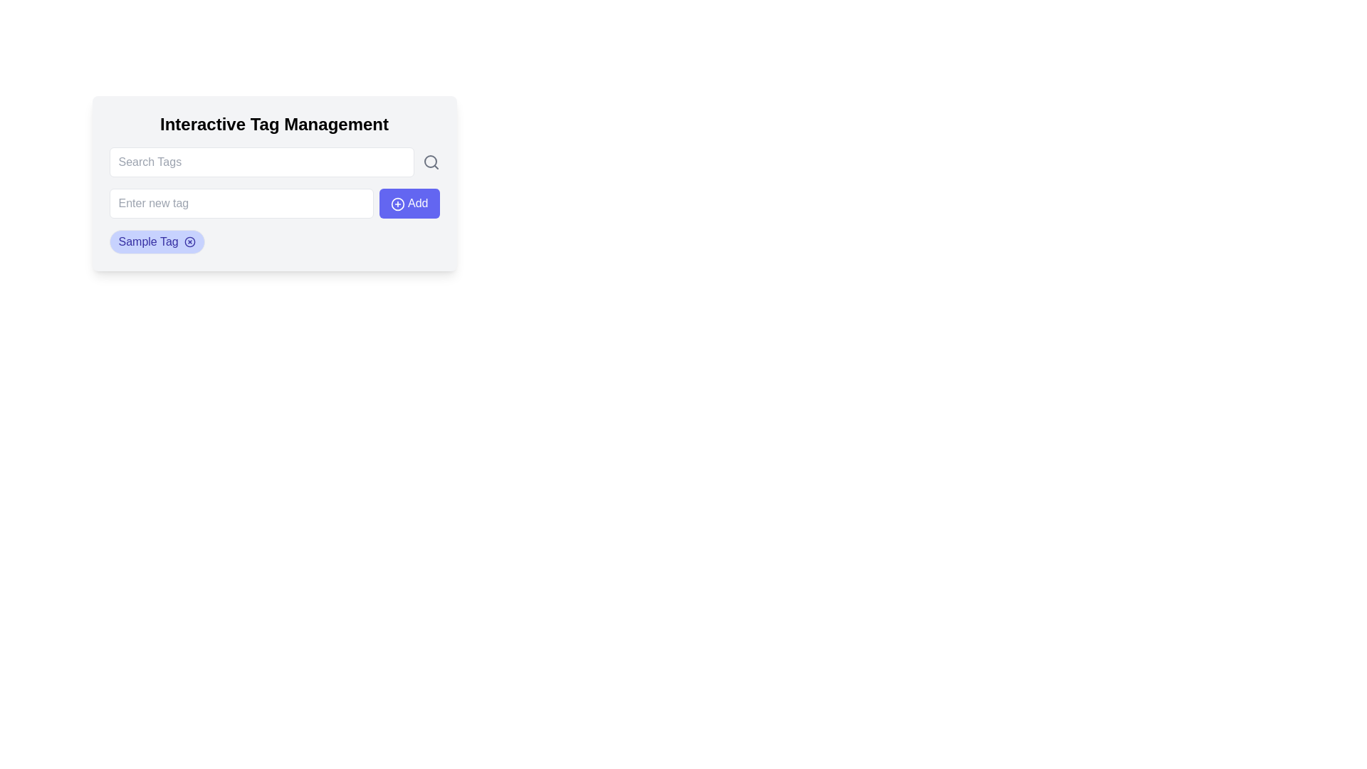  Describe the element at coordinates (274, 123) in the screenshot. I see `the heading text 'Interactive Tag Management' which is displayed in bold, large font at the top of a white card with rounded corners` at that location.